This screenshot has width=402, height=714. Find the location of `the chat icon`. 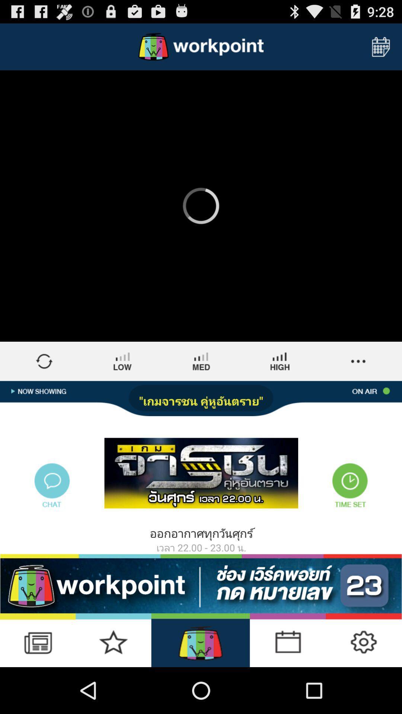

the chat icon is located at coordinates (51, 519).